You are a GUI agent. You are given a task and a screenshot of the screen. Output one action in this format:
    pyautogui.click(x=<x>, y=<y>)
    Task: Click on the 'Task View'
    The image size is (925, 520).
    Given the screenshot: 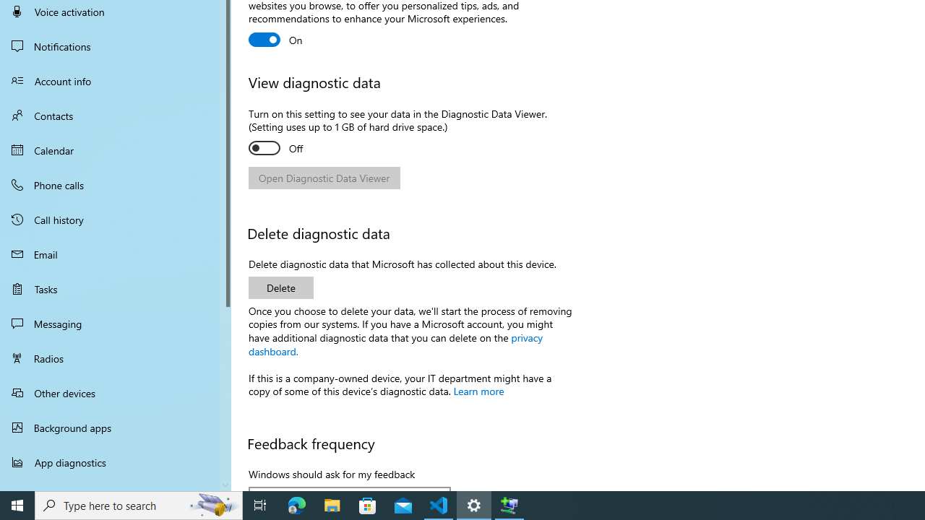 What is the action you would take?
    pyautogui.click(x=259, y=504)
    